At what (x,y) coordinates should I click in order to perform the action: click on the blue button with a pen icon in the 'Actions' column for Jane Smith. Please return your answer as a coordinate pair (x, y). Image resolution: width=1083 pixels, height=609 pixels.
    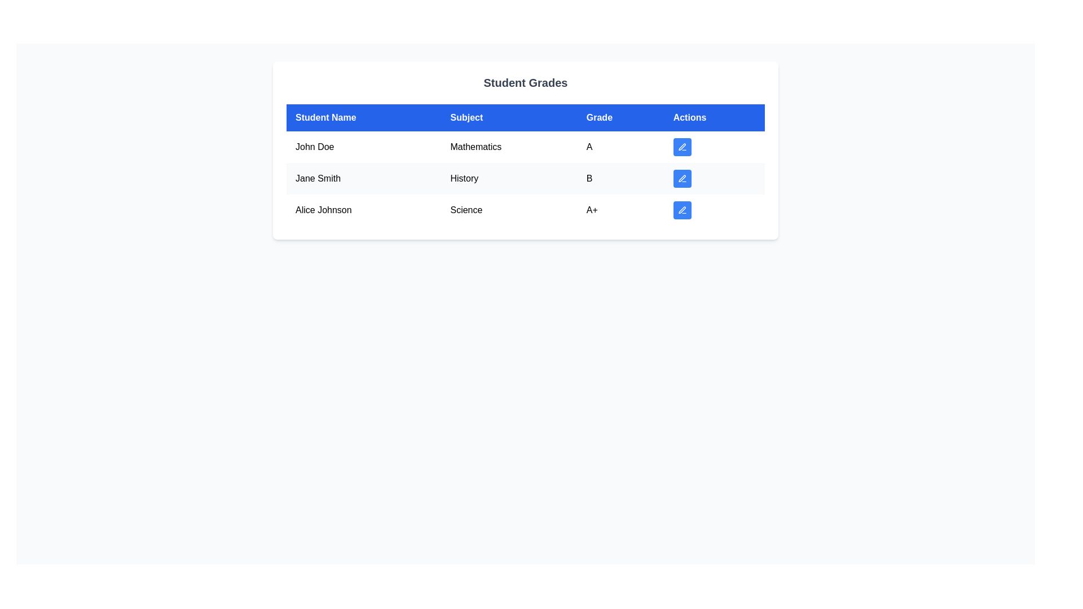
    Looking at the image, I should click on (714, 178).